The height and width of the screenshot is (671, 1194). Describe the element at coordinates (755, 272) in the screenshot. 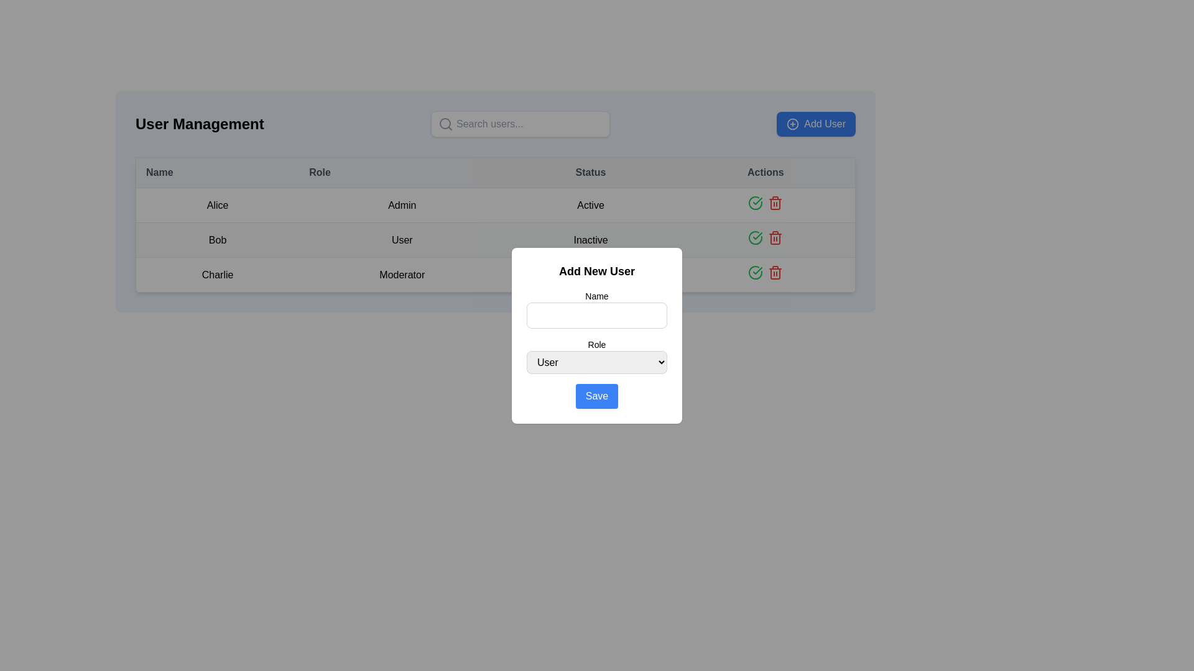

I see `the approval button in the 'Actions' column of the third row for user 'Charlie'` at that location.